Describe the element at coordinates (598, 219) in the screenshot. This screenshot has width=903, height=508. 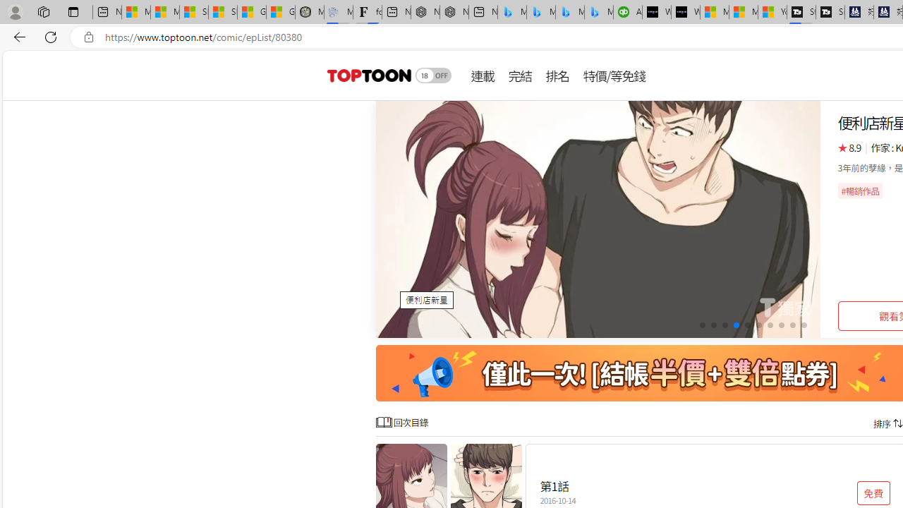
I see `'Class: swiper-slide swiper-slide-active'` at that location.